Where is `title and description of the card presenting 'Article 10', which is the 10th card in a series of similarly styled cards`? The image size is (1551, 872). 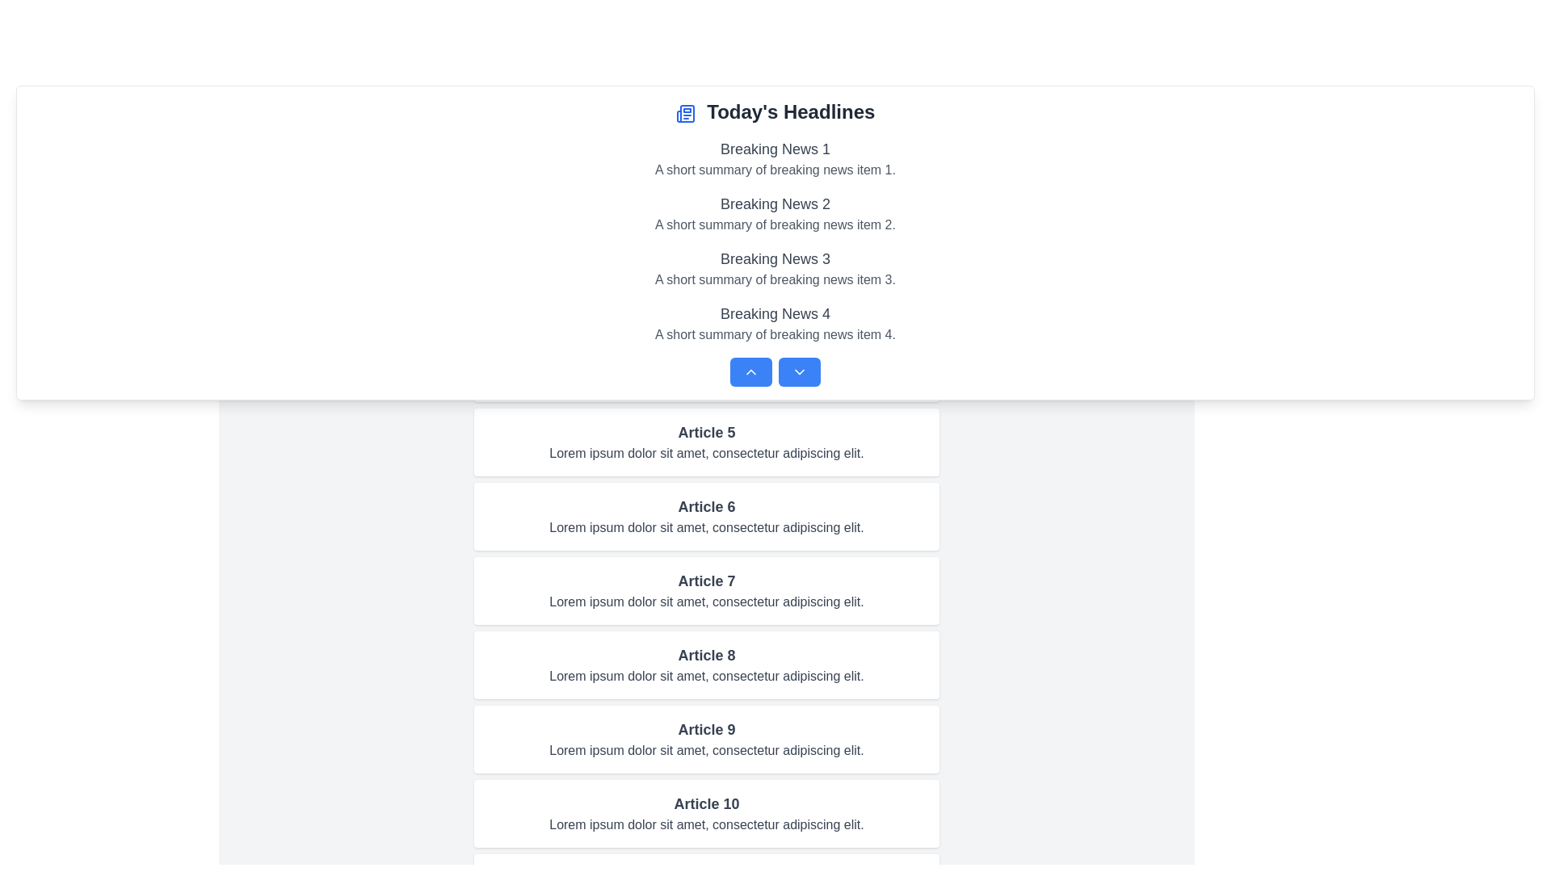 title and description of the card presenting 'Article 10', which is the 10th card in a series of similarly styled cards is located at coordinates (706, 813).